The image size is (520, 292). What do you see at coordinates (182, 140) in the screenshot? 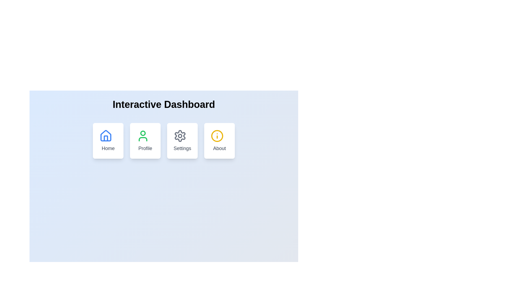
I see `the 'Settings' navigation card, which is a square card with rounded corners, a white background, and a gear icon at the top` at bounding box center [182, 140].